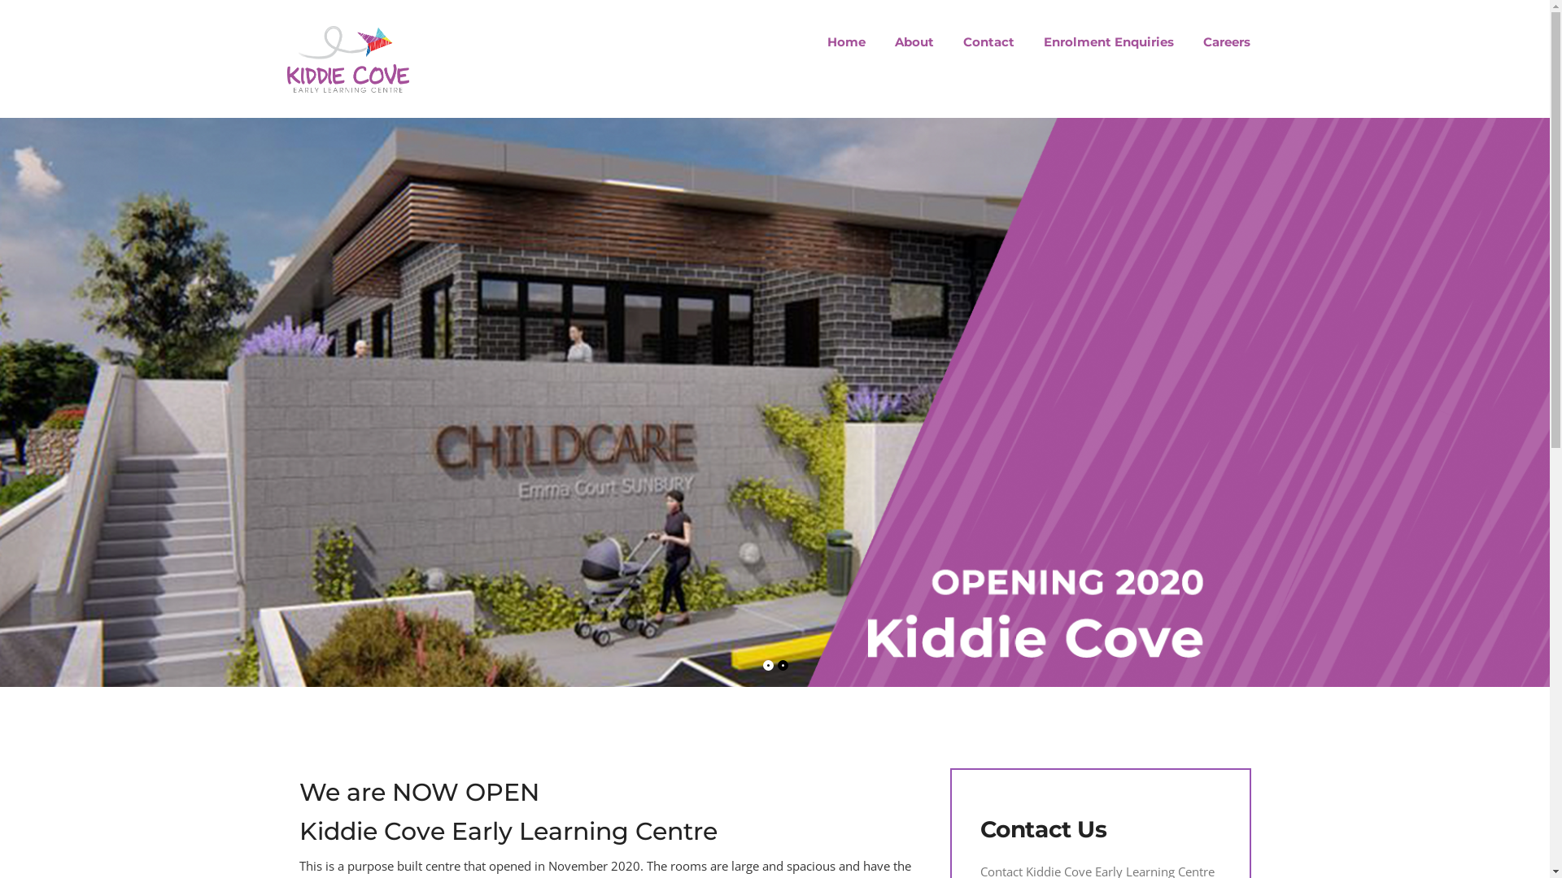  What do you see at coordinates (1028, 41) in the screenshot?
I see `'Enrolment Enquiries'` at bounding box center [1028, 41].